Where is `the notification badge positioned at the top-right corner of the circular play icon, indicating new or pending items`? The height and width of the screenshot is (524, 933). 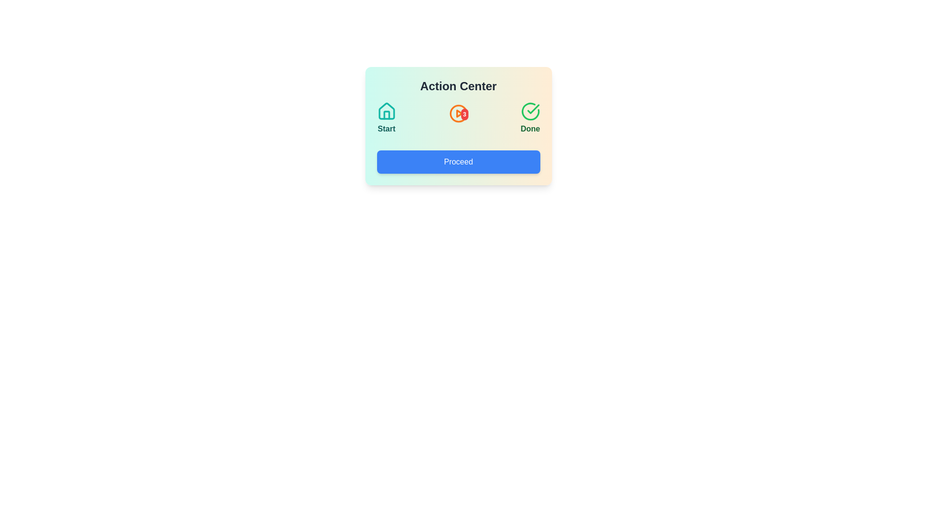 the notification badge positioned at the top-right corner of the circular play icon, indicating new or pending items is located at coordinates (464, 114).